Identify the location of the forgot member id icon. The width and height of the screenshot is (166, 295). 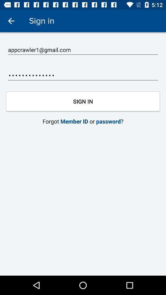
(83, 121).